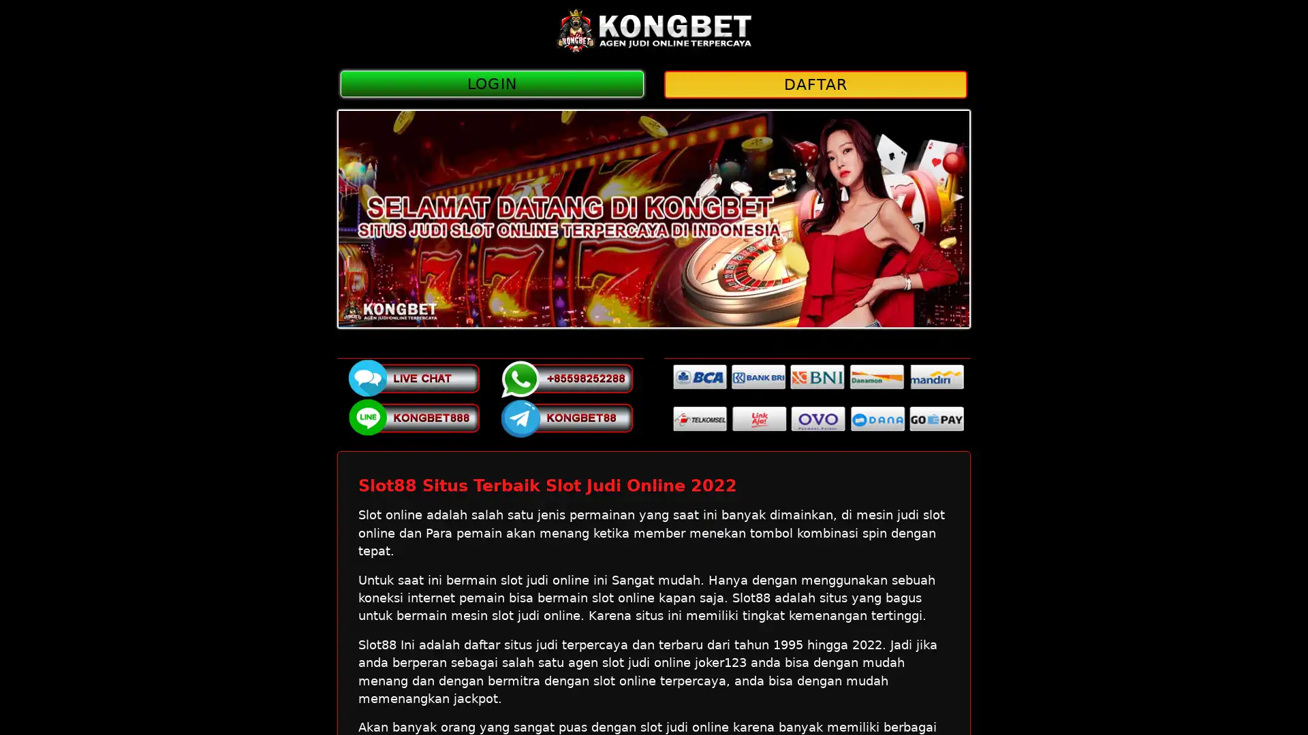  Describe the element at coordinates (815, 84) in the screenshot. I see `DAFTAR` at that location.